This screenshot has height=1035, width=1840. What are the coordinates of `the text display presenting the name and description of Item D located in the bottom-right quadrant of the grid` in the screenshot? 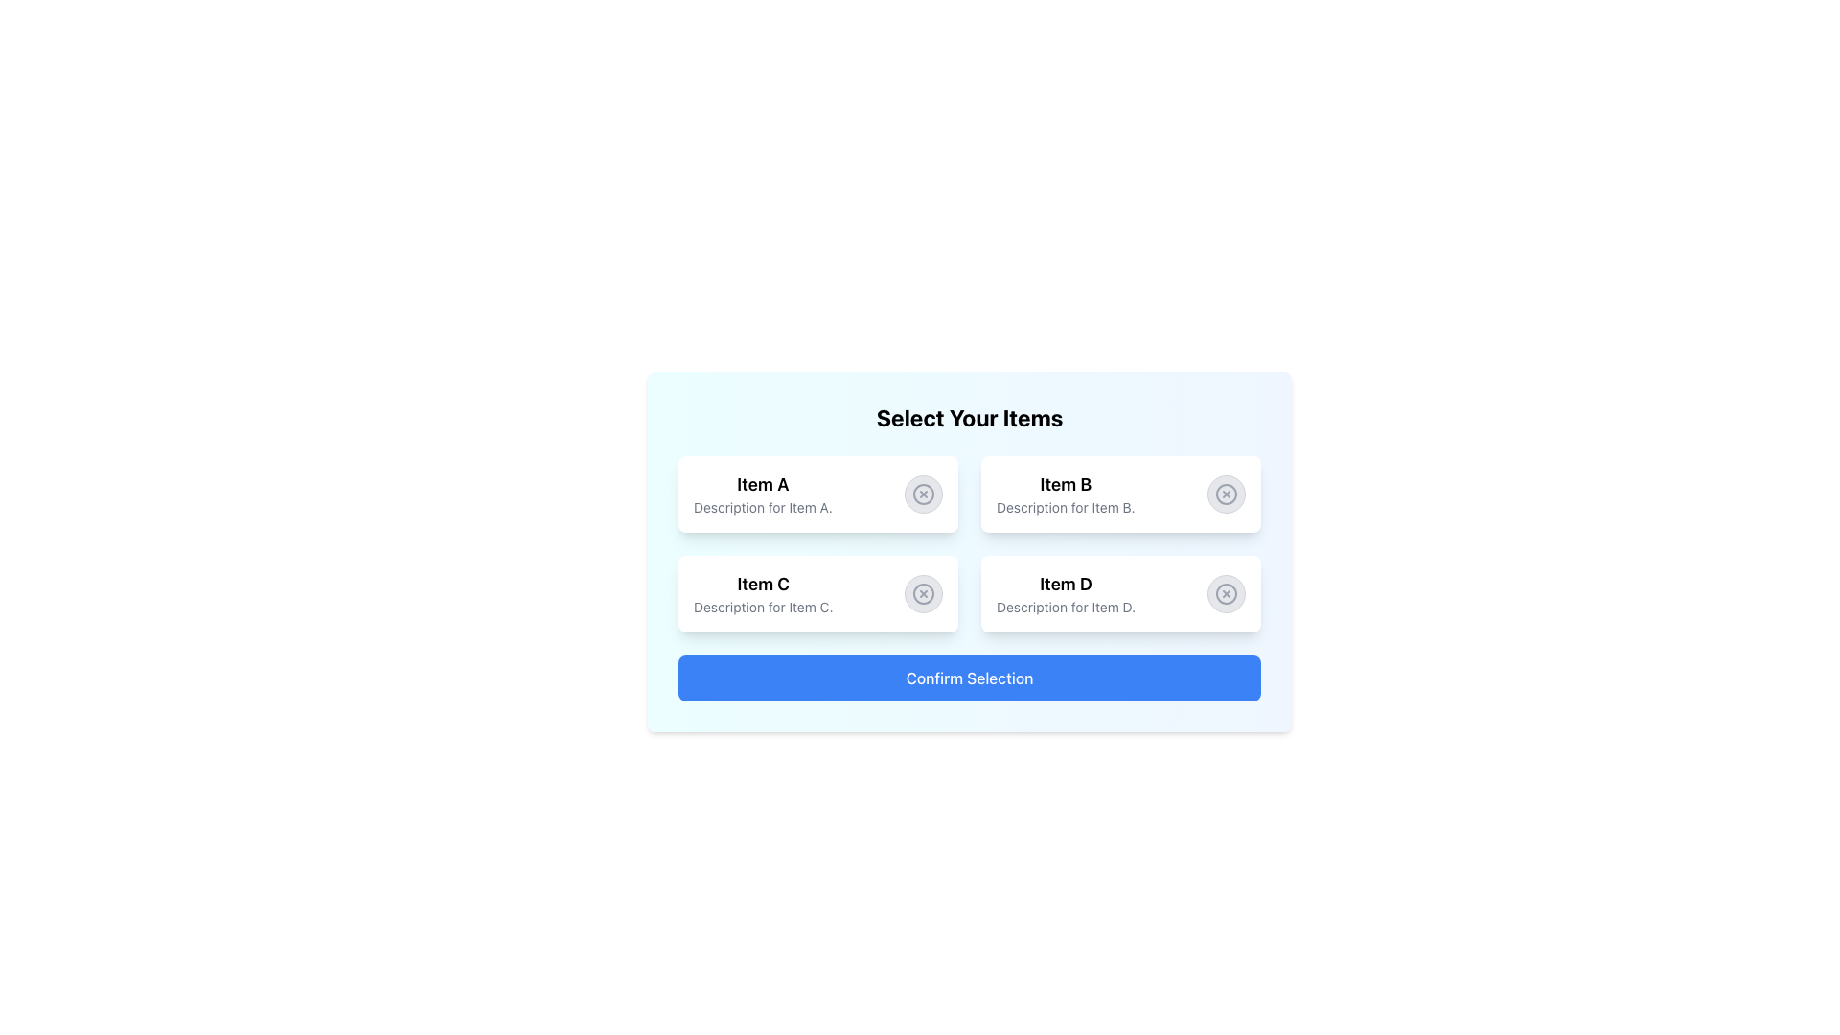 It's located at (1065, 593).